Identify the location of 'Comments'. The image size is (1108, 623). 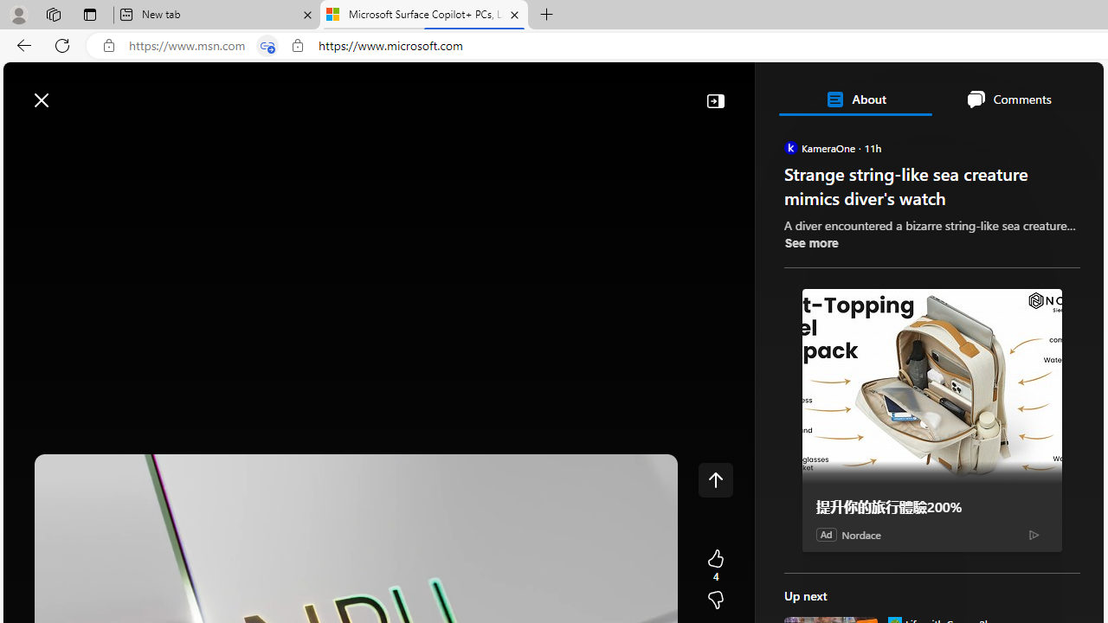
(1008, 99).